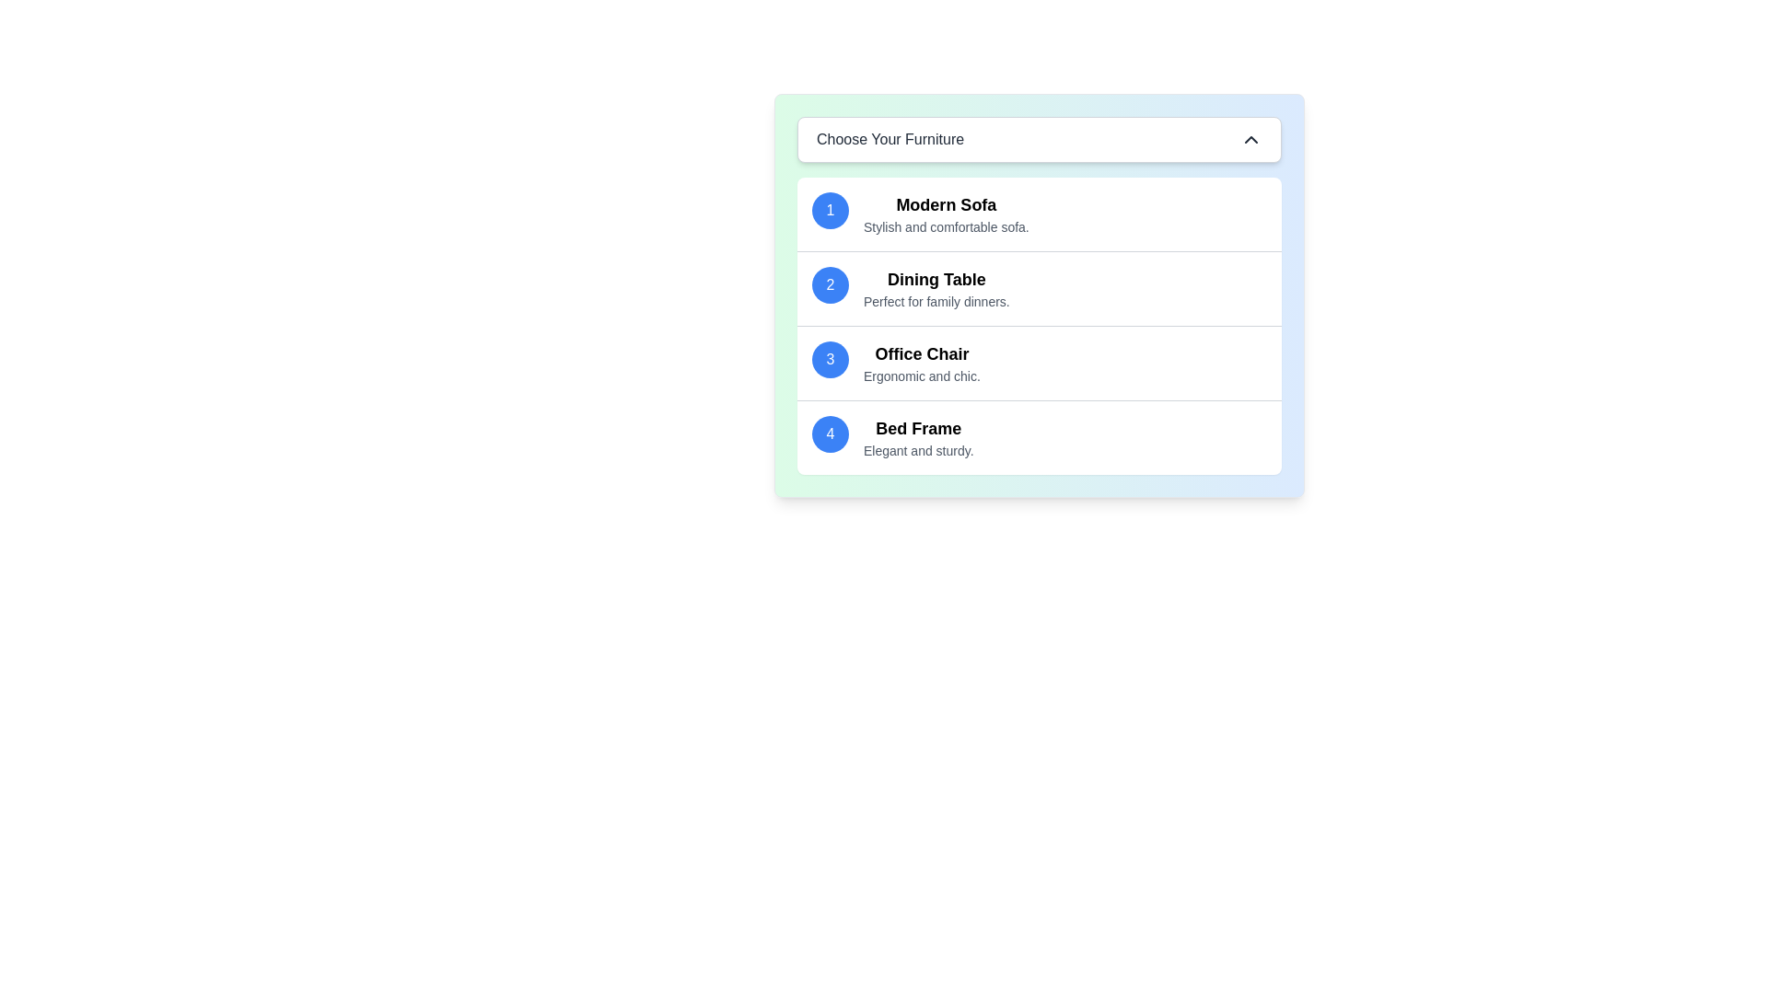  Describe the element at coordinates (918, 429) in the screenshot. I see `text label identifying the fourth item in the list as 'Bed Frame', which is located above the descriptive text 'Elegant and sturdy'` at that location.